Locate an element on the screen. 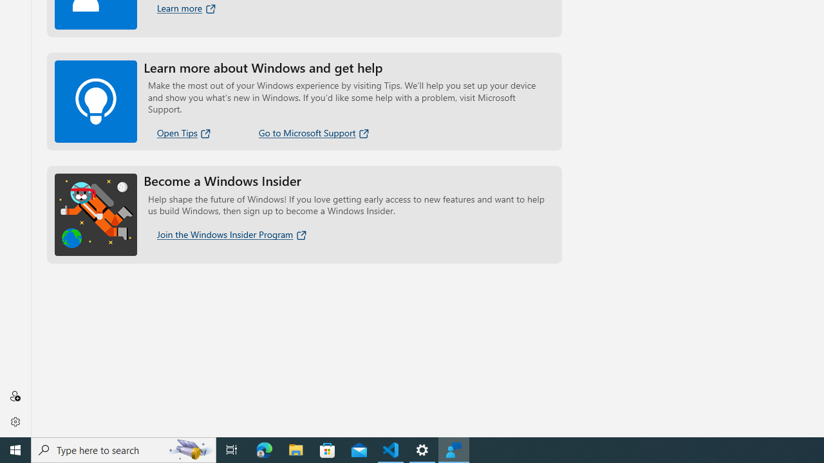  'Feedback Hub - 1 running window' is located at coordinates (454, 449).